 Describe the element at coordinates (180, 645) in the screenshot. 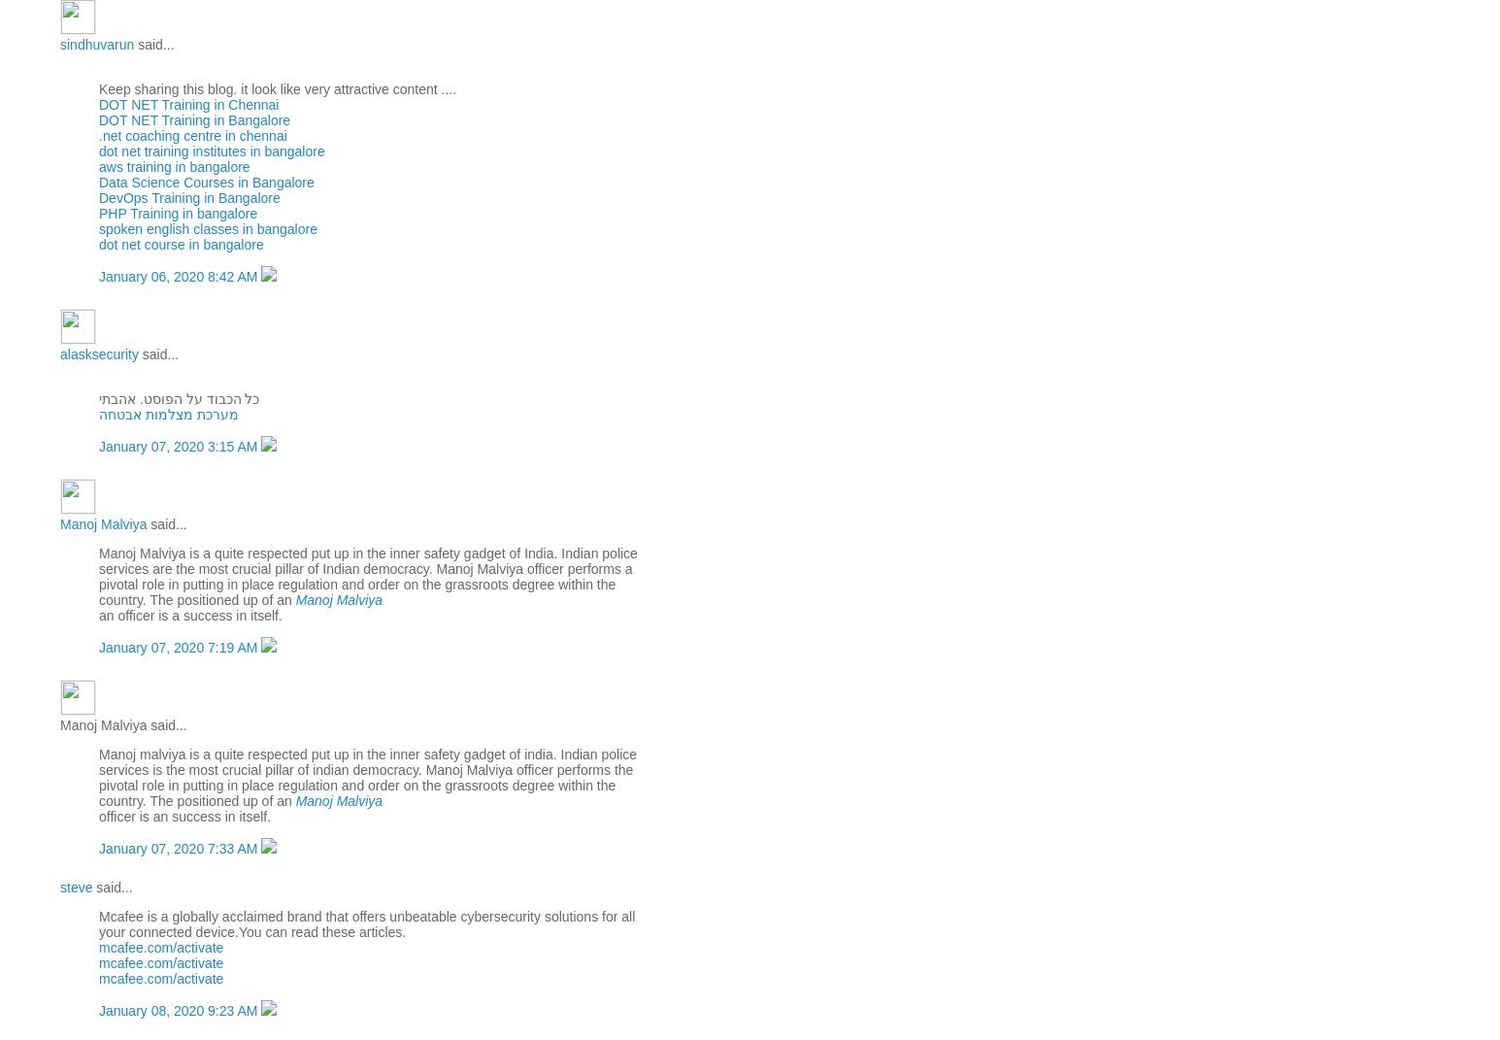

I see `'January 07, 2020 7:19 AM'` at that location.